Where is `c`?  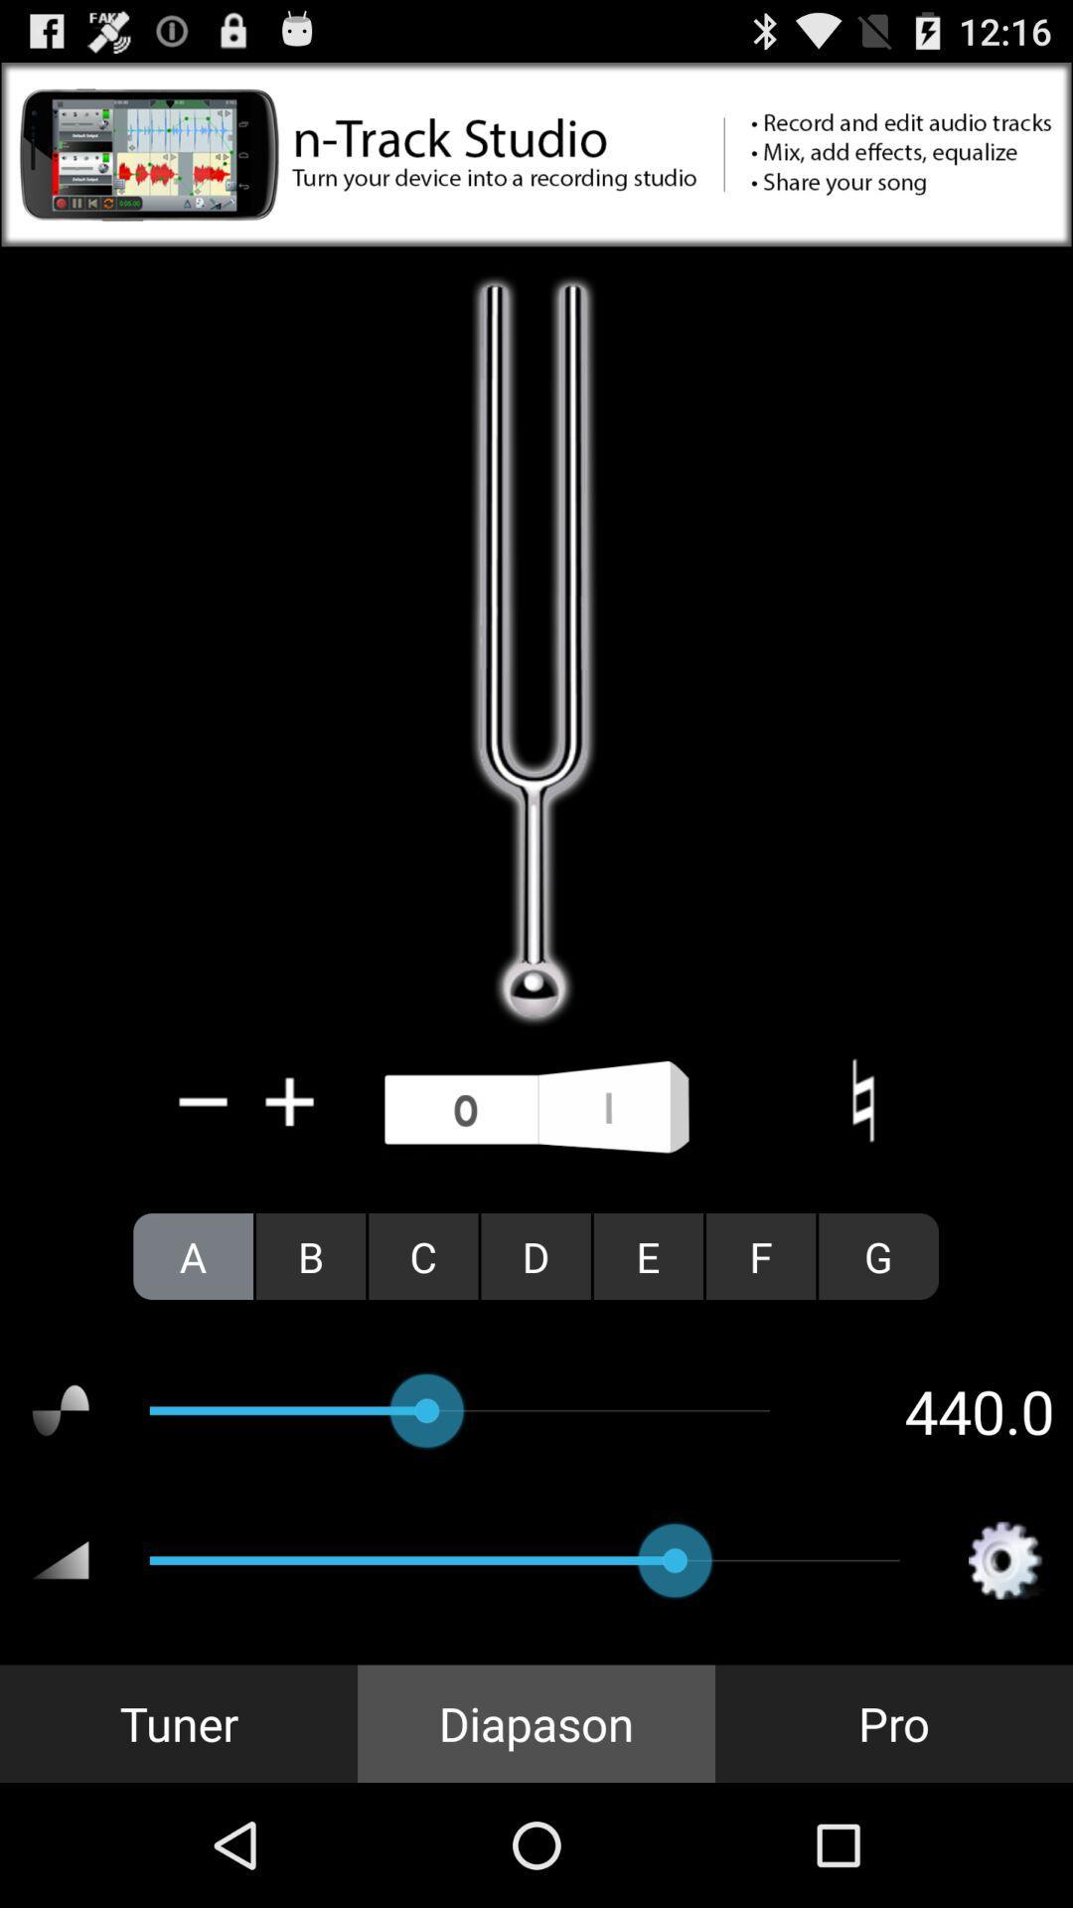
c is located at coordinates (422, 1255).